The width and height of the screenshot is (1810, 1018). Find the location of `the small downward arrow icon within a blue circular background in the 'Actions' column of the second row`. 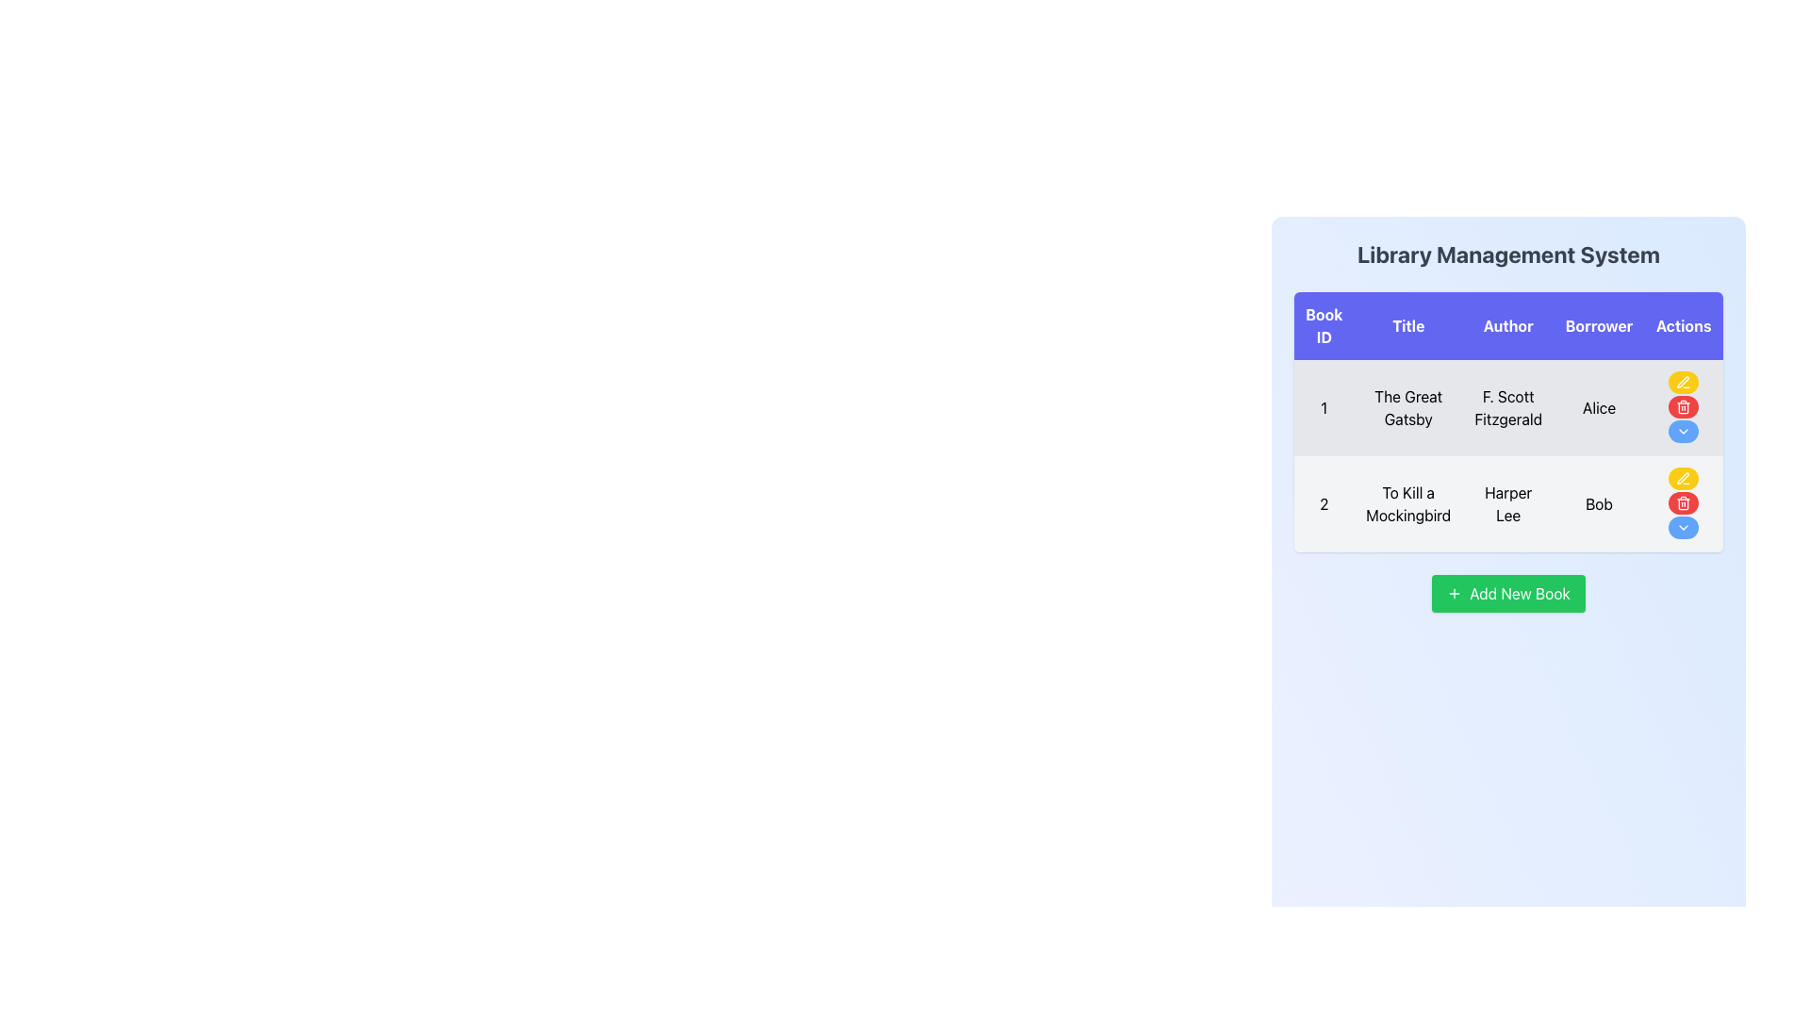

the small downward arrow icon within a blue circular background in the 'Actions' column of the second row is located at coordinates (1684, 432).